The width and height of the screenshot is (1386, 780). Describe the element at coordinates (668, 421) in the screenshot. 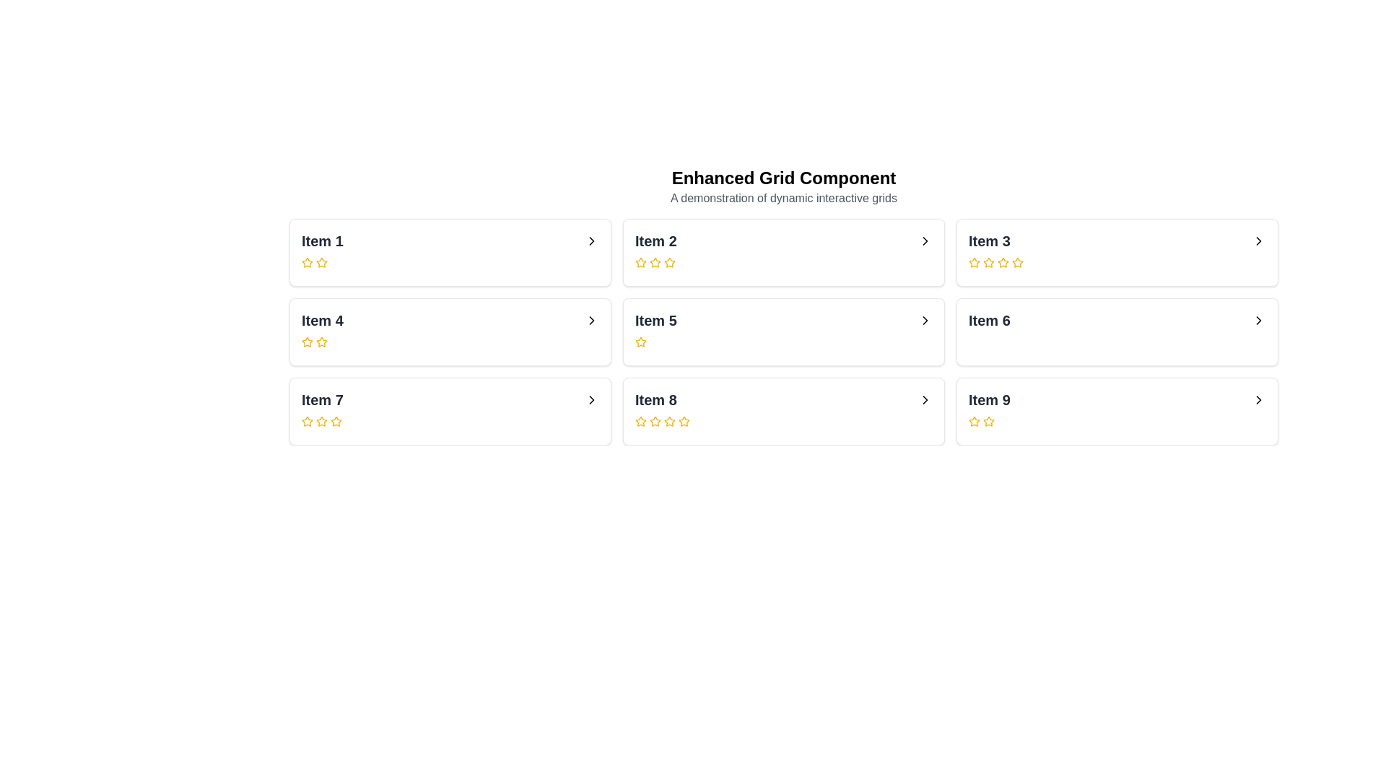

I see `the second star in the rating row of the 'Item 8' card` at that location.